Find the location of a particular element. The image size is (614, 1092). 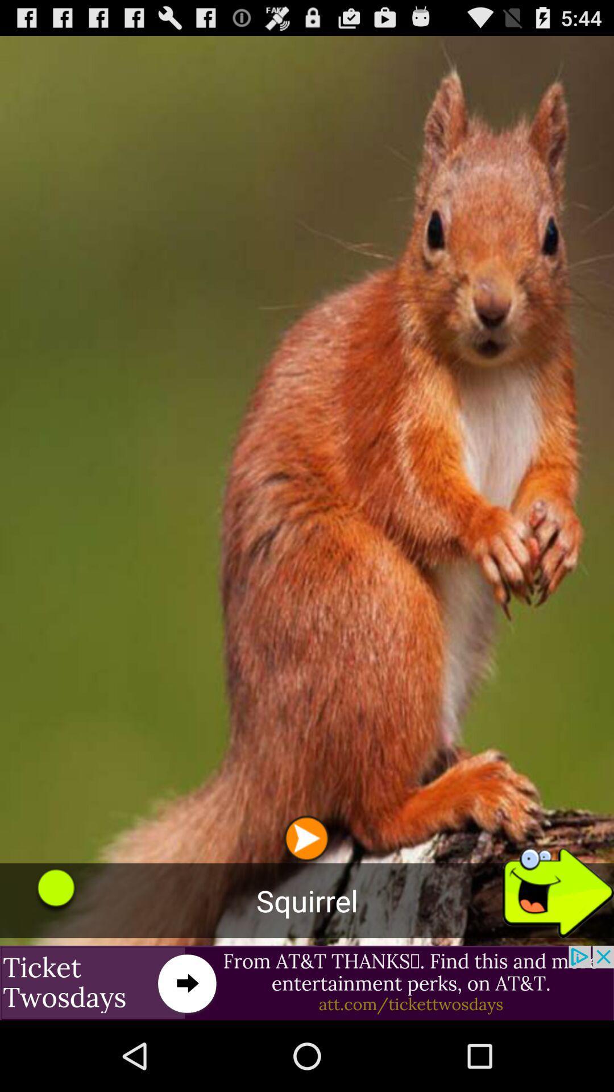

the play icon is located at coordinates (306, 896).